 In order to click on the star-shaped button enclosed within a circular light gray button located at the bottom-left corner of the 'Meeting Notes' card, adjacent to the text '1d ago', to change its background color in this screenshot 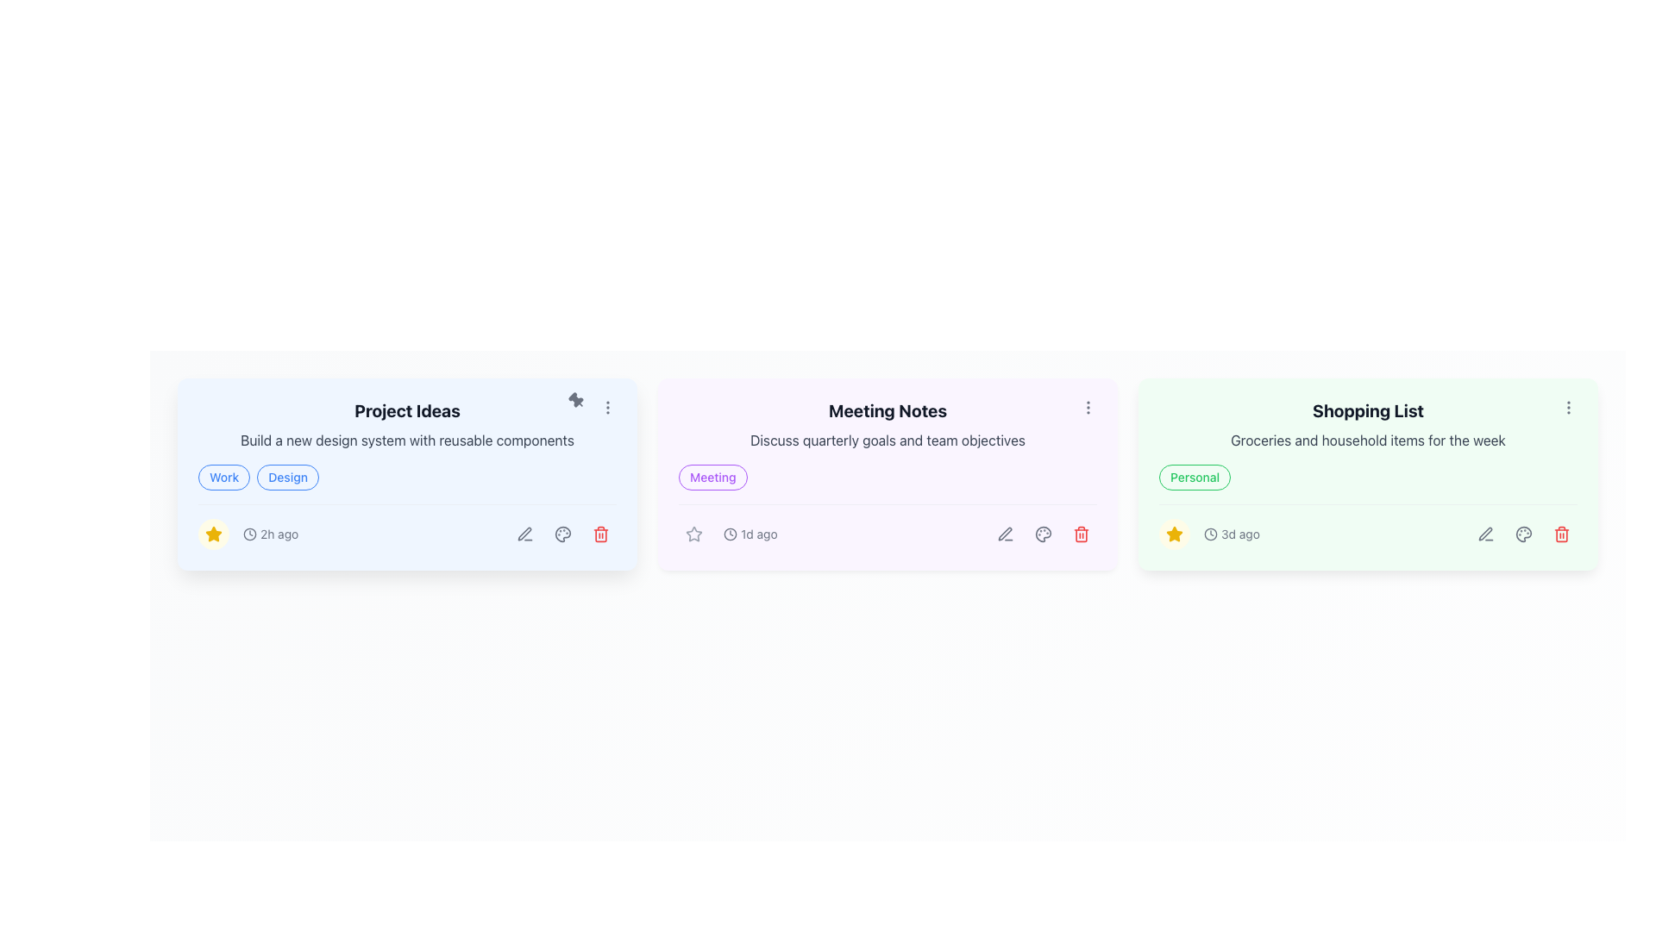, I will do `click(694, 534)`.